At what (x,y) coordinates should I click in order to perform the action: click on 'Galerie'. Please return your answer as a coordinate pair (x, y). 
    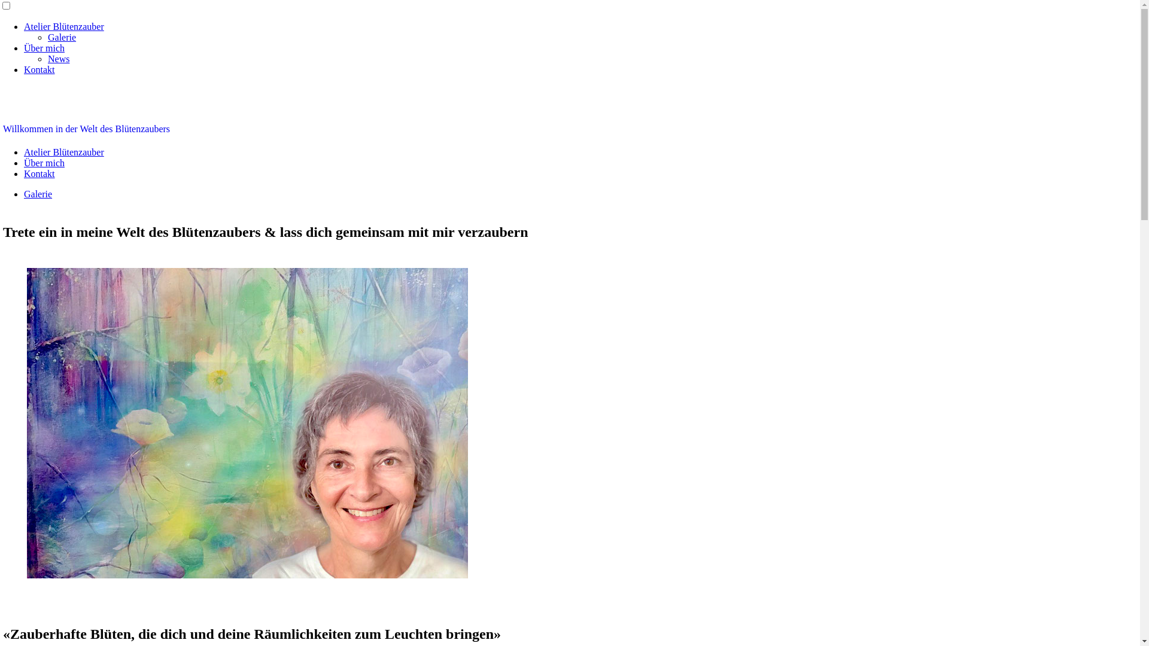
    Looking at the image, I should click on (48, 36).